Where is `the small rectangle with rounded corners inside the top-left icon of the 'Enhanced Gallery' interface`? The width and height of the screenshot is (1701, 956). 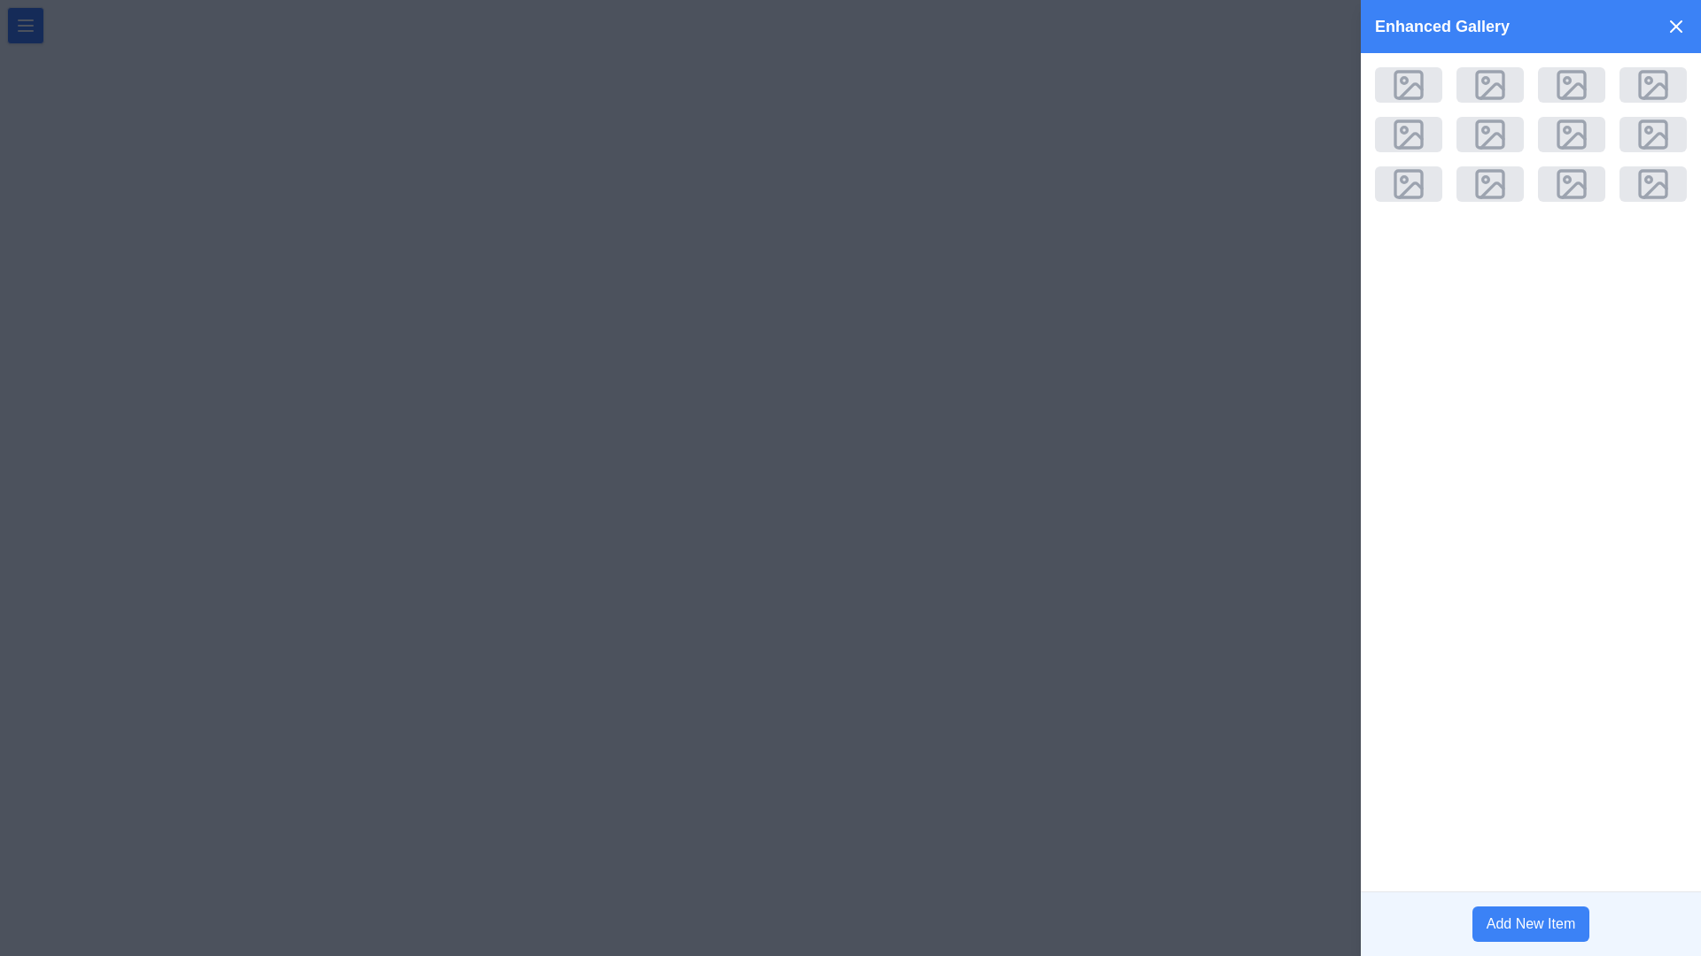
the small rectangle with rounded corners inside the top-left icon of the 'Enhanced Gallery' interface is located at coordinates (1407, 133).